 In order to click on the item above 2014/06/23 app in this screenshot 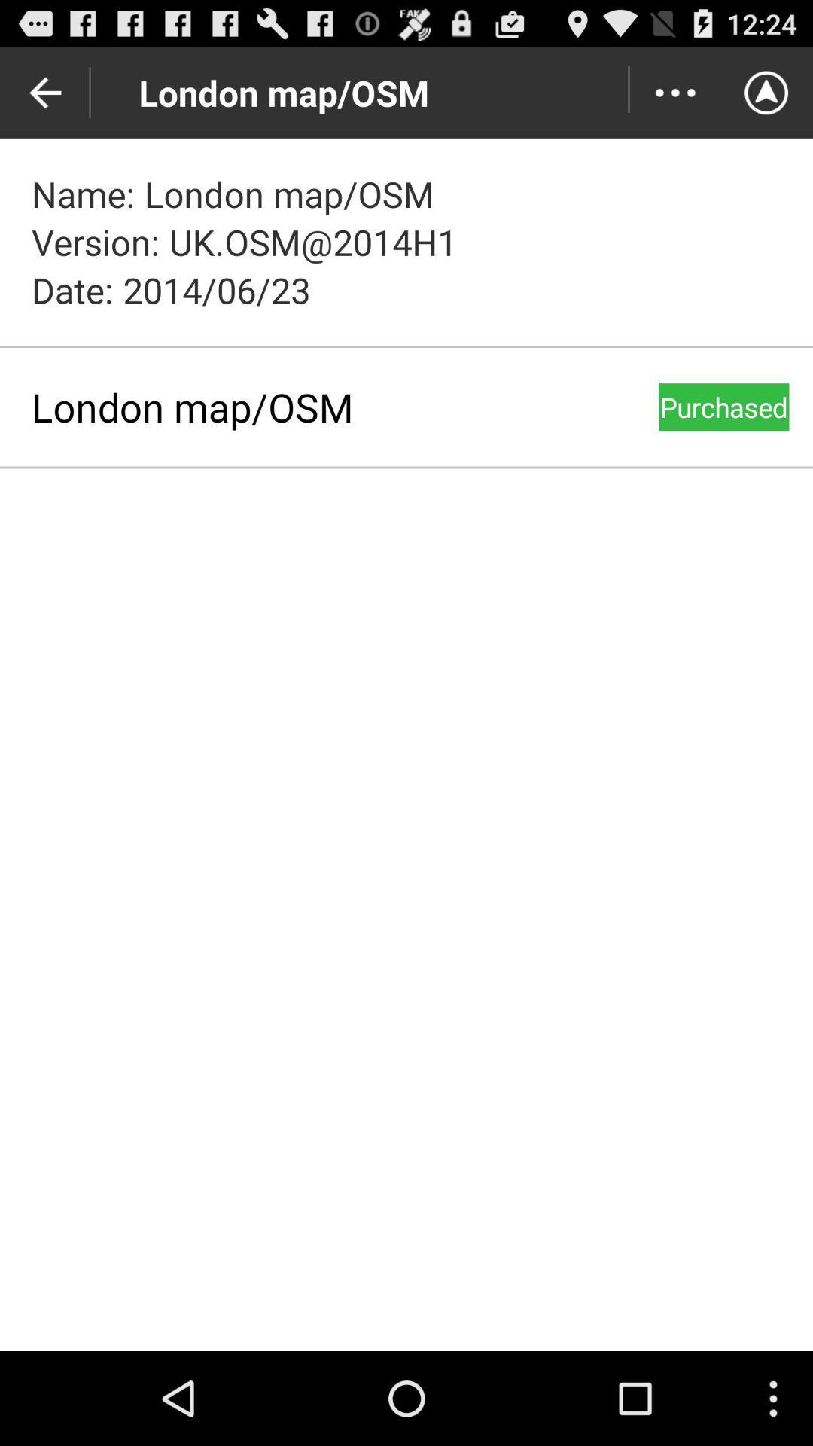, I will do `click(674, 92)`.